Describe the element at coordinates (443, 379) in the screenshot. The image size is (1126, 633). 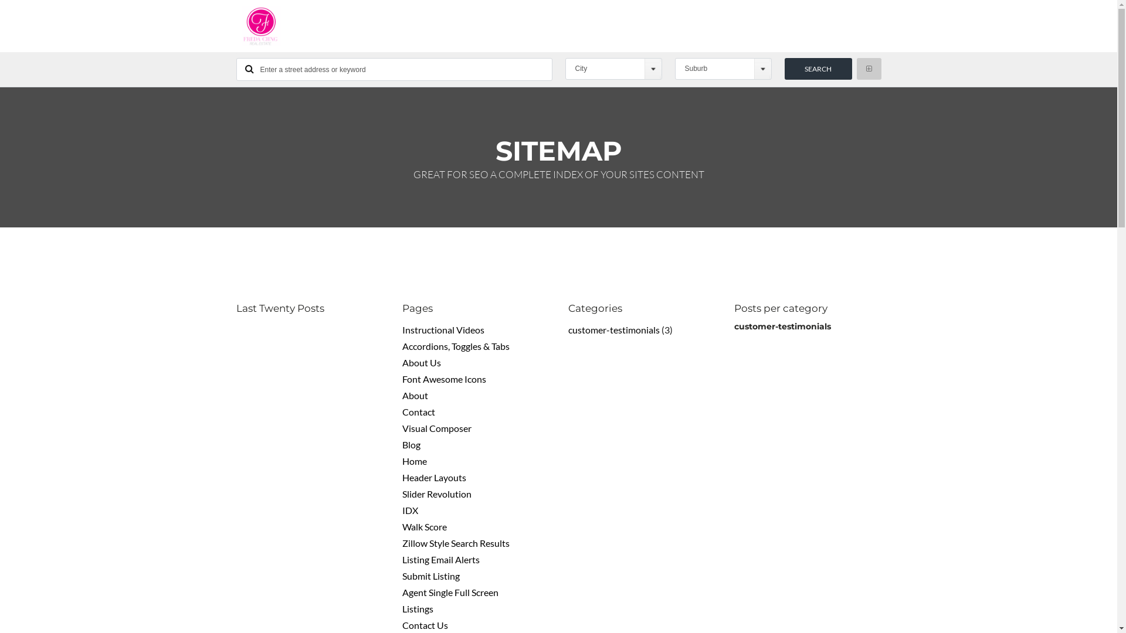
I see `'Font Awesome Icons'` at that location.